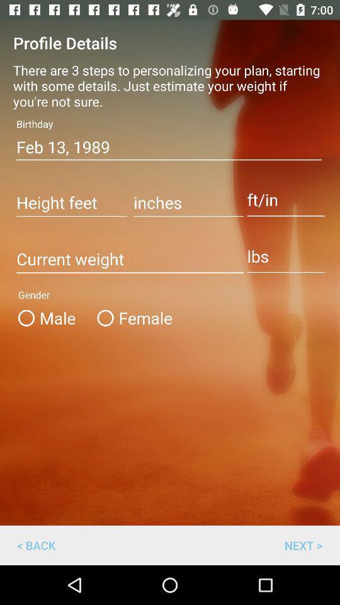  I want to click on item next to the male, so click(132, 317).